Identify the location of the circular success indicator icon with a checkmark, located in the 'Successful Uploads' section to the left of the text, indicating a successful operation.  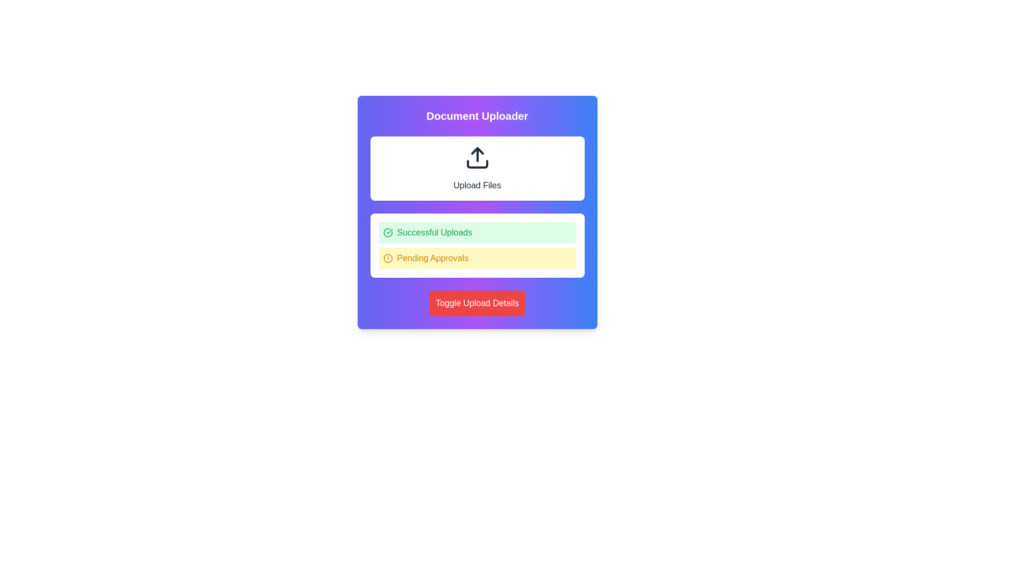
(387, 232).